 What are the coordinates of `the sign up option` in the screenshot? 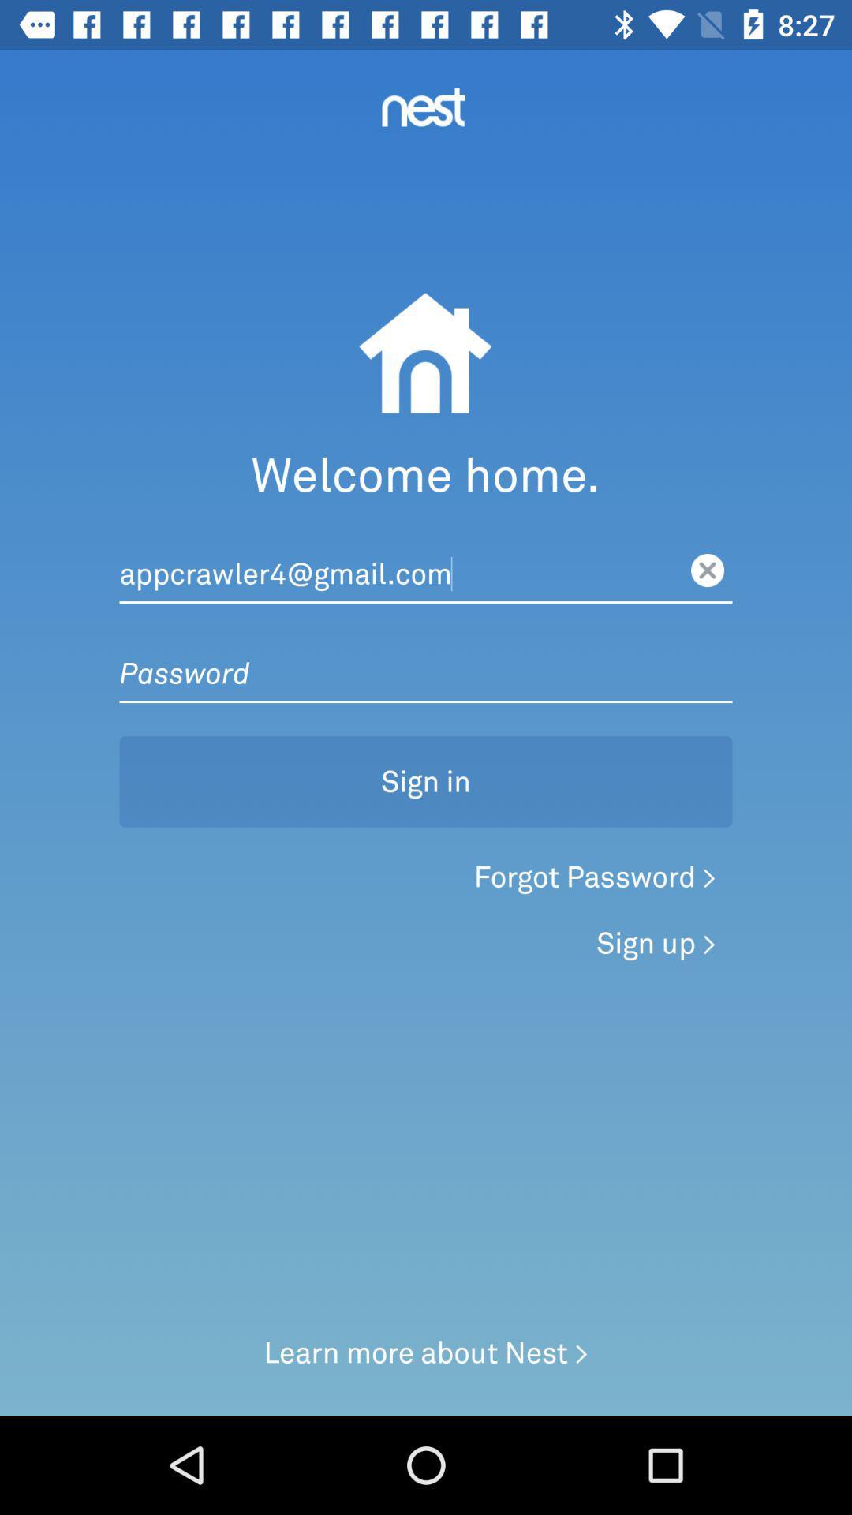 It's located at (656, 943).